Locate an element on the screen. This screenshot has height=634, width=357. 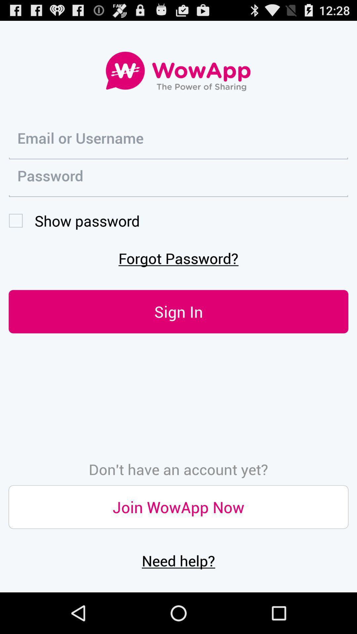
show password icon is located at coordinates (74, 221).